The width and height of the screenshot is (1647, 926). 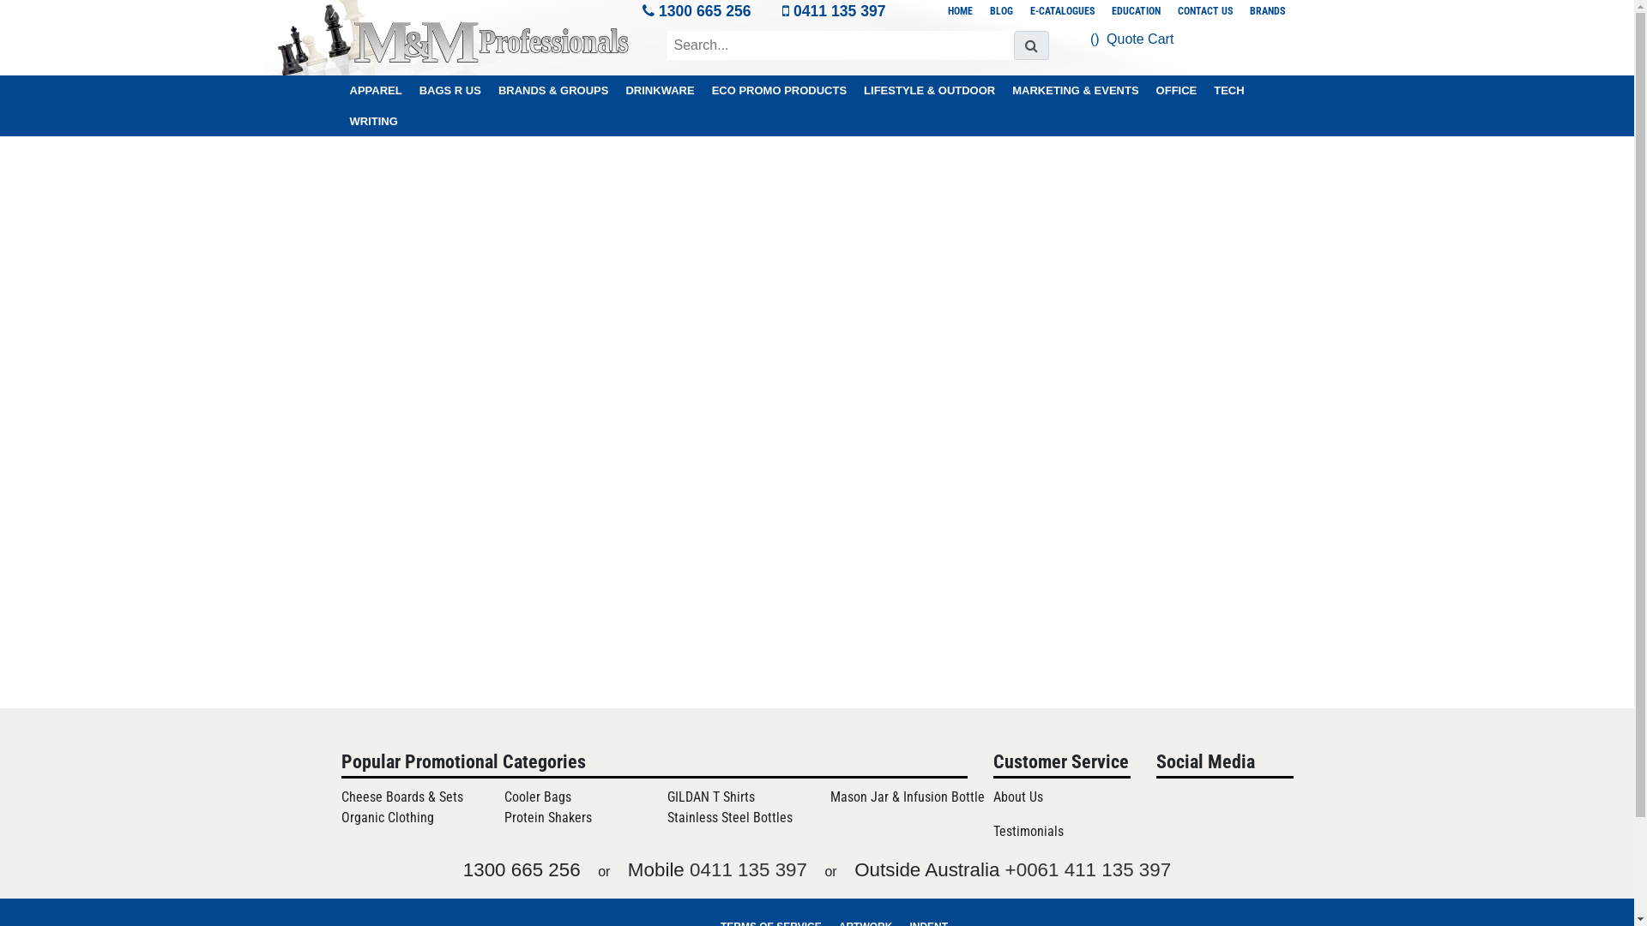 I want to click on '+0061 411 135 397', so click(x=1087, y=869).